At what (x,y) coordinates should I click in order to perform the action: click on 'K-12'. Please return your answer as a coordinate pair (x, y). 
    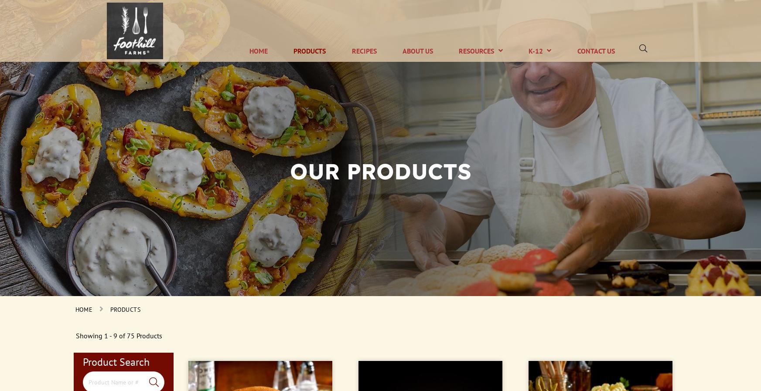
    Looking at the image, I should click on (535, 50).